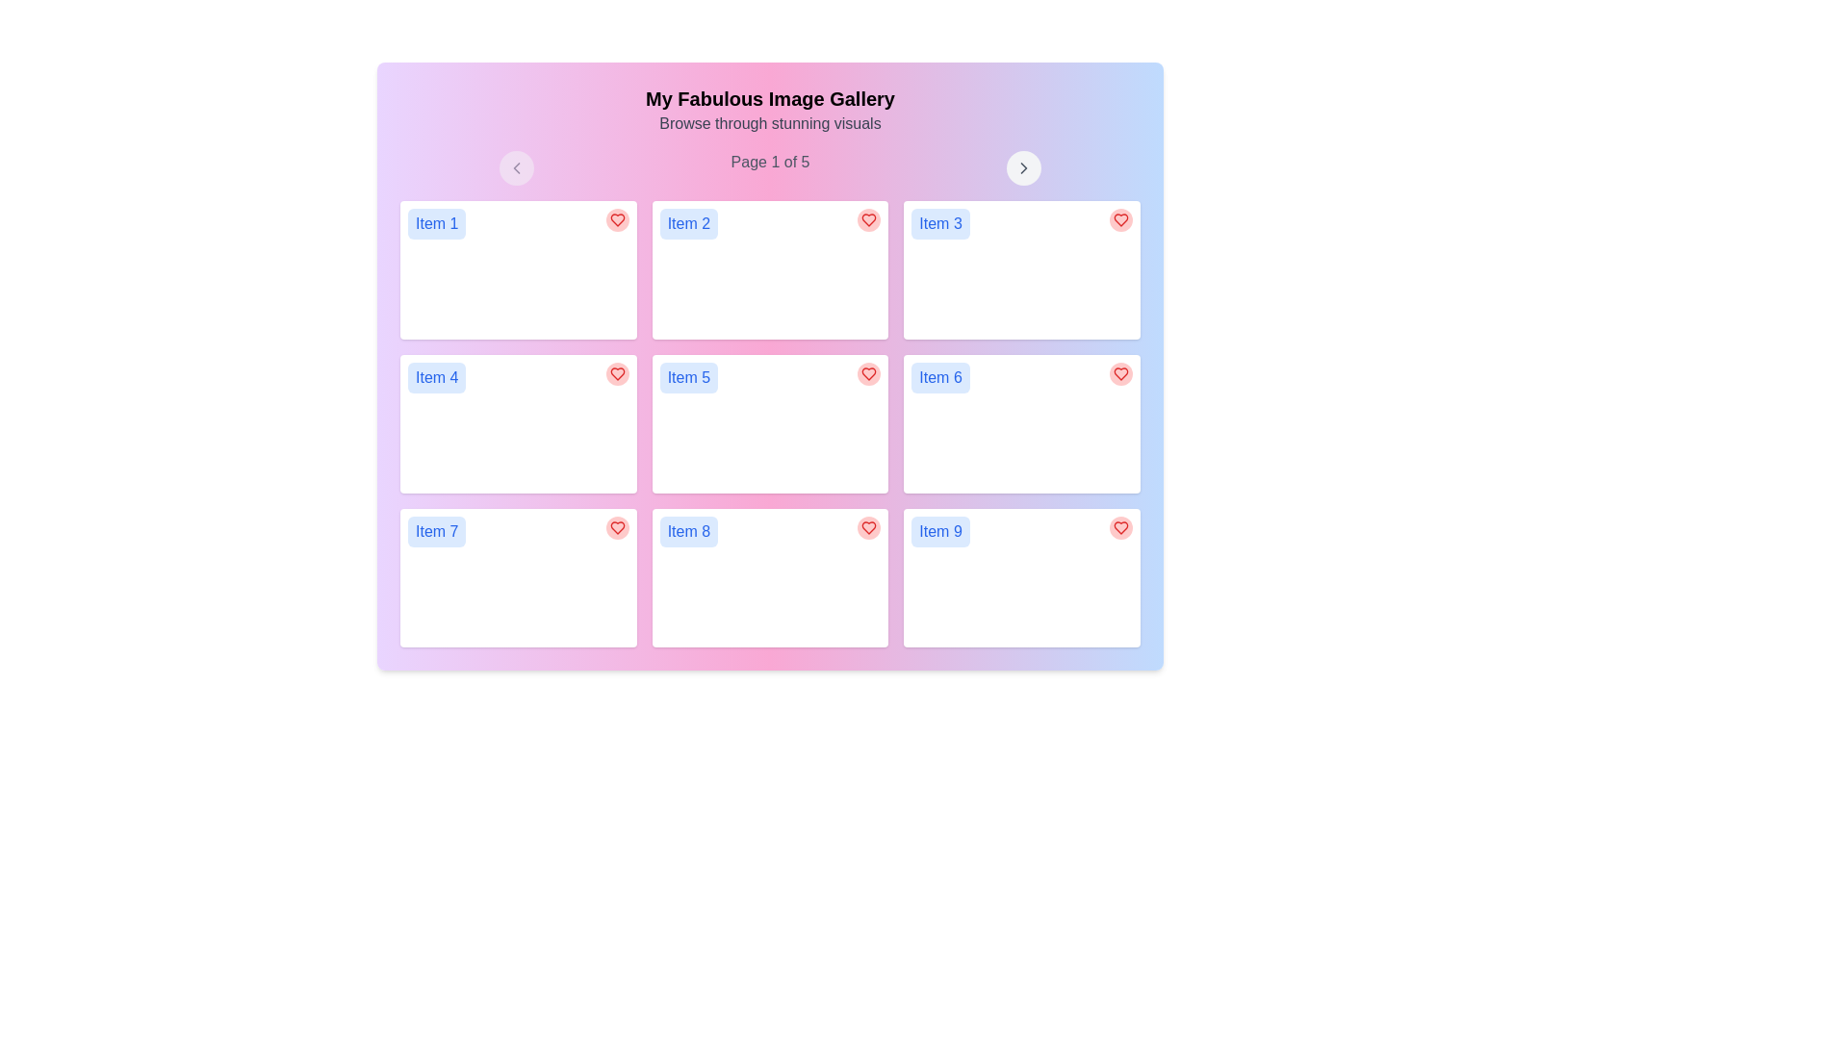 The width and height of the screenshot is (1848, 1039). I want to click on the rectangular label displaying 'Item 6' in blue on a light blue background, located in the second row, third column of a 3x3 grid layout, so click(940, 378).